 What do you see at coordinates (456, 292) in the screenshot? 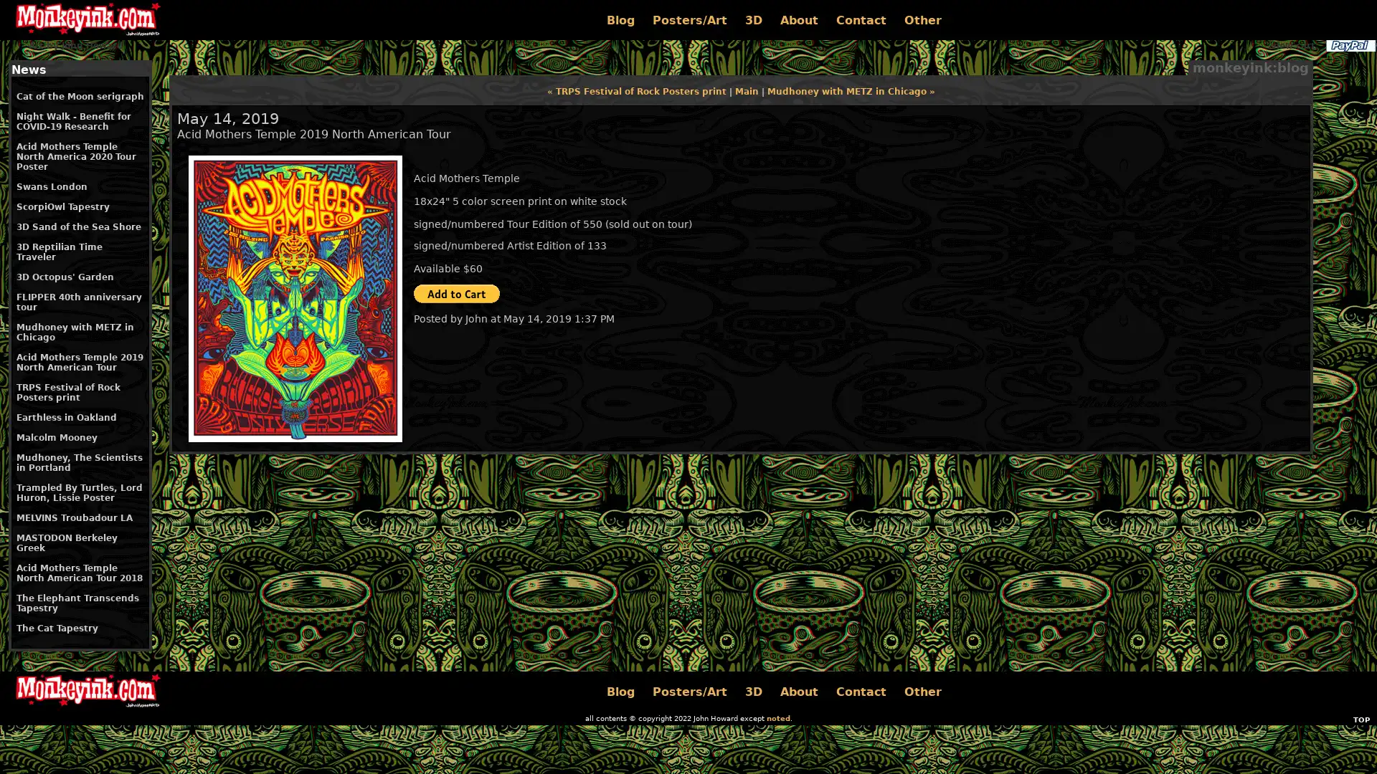
I see `PayPal - The safer, easier way to pay online!` at bounding box center [456, 292].